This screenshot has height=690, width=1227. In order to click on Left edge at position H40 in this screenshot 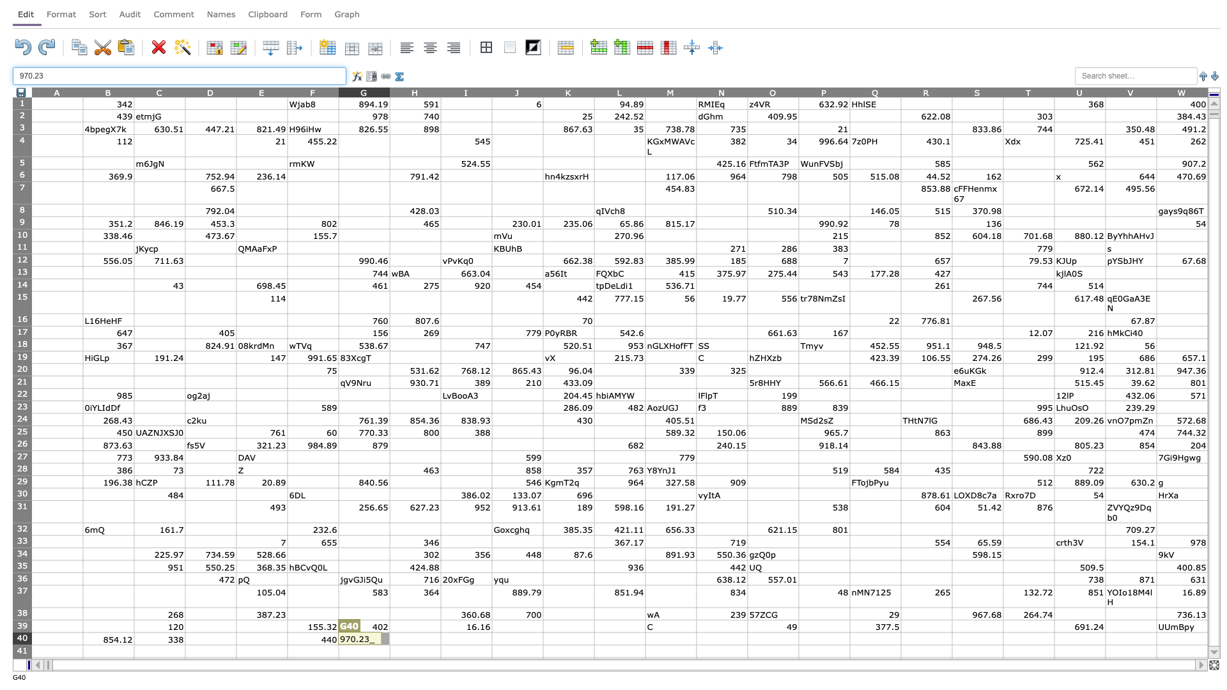, I will do `click(389, 638)`.